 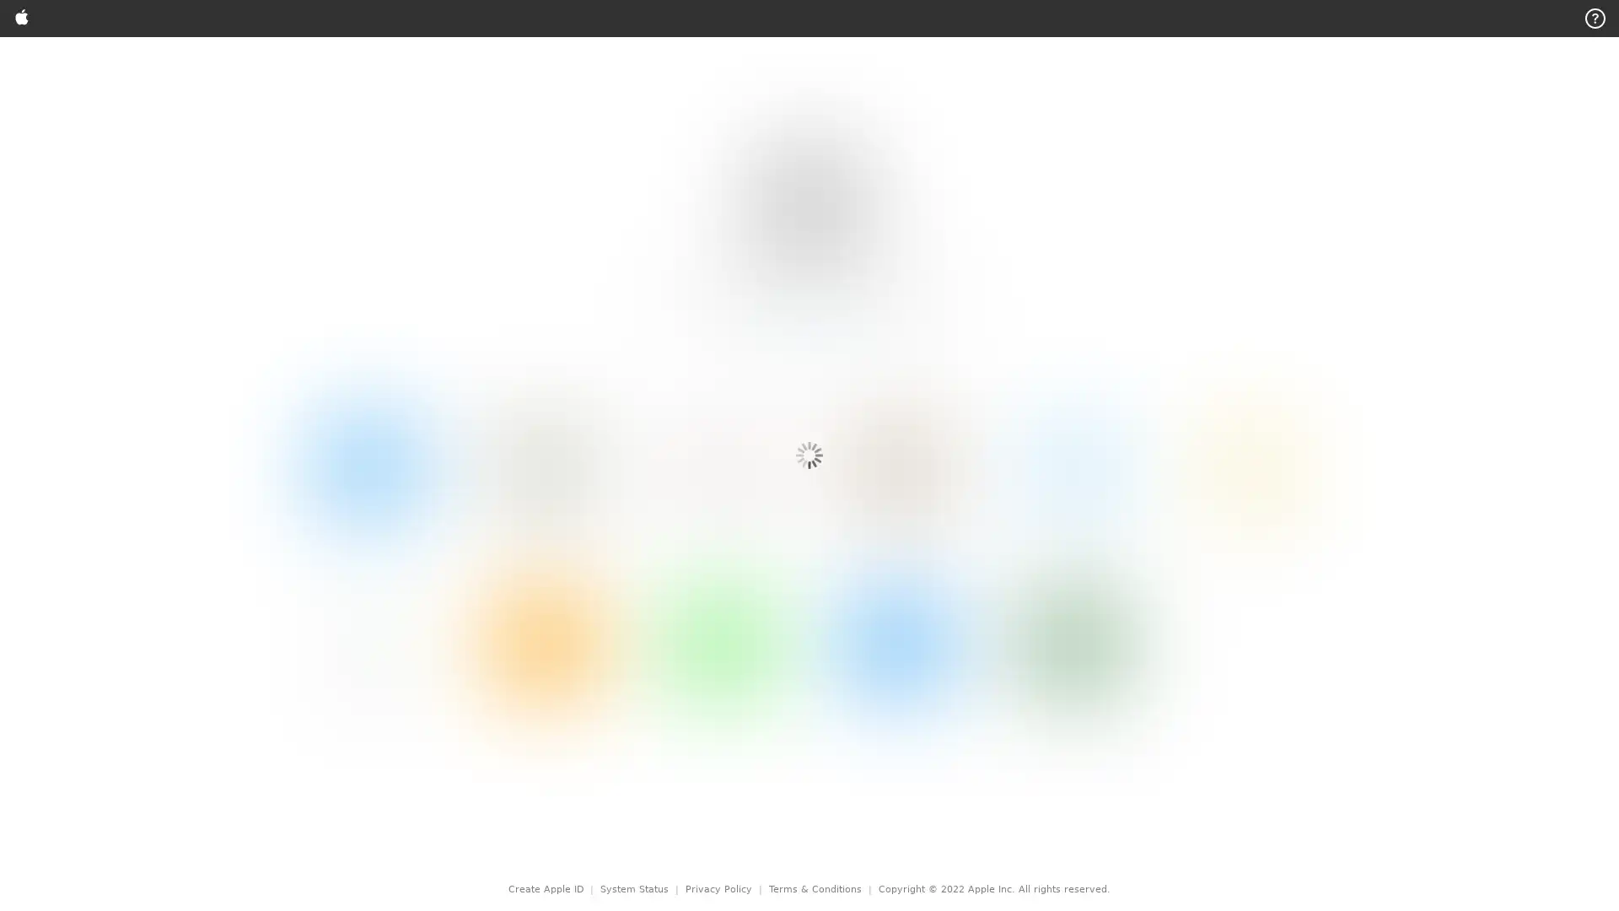 I want to click on Create your free Apple ID and get started today, so click(x=836, y=83).